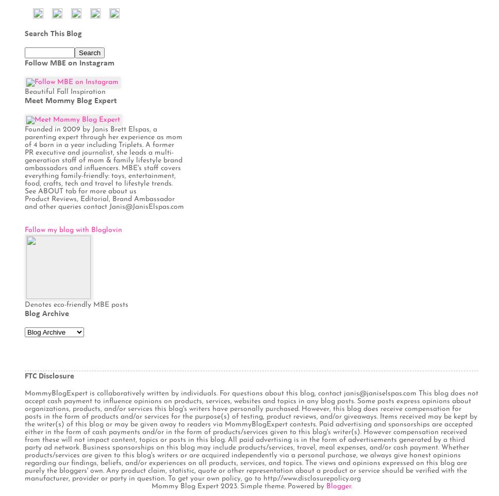 This screenshot has width=499, height=496. Describe the element at coordinates (238, 486) in the screenshot. I see `'Mommy Blog Expert 2023. Simple theme. Powered by'` at that location.